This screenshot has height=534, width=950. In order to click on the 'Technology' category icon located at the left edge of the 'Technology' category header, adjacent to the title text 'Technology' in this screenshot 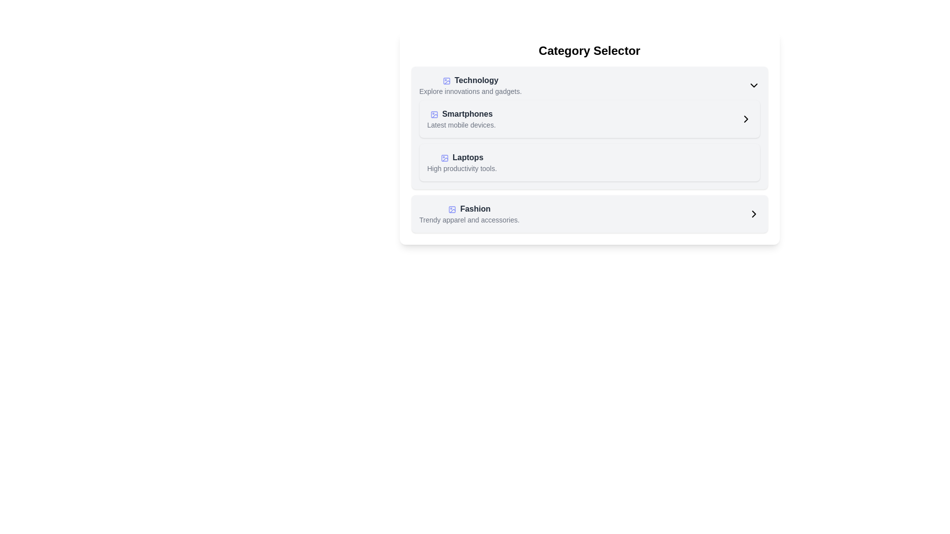, I will do `click(446, 80)`.